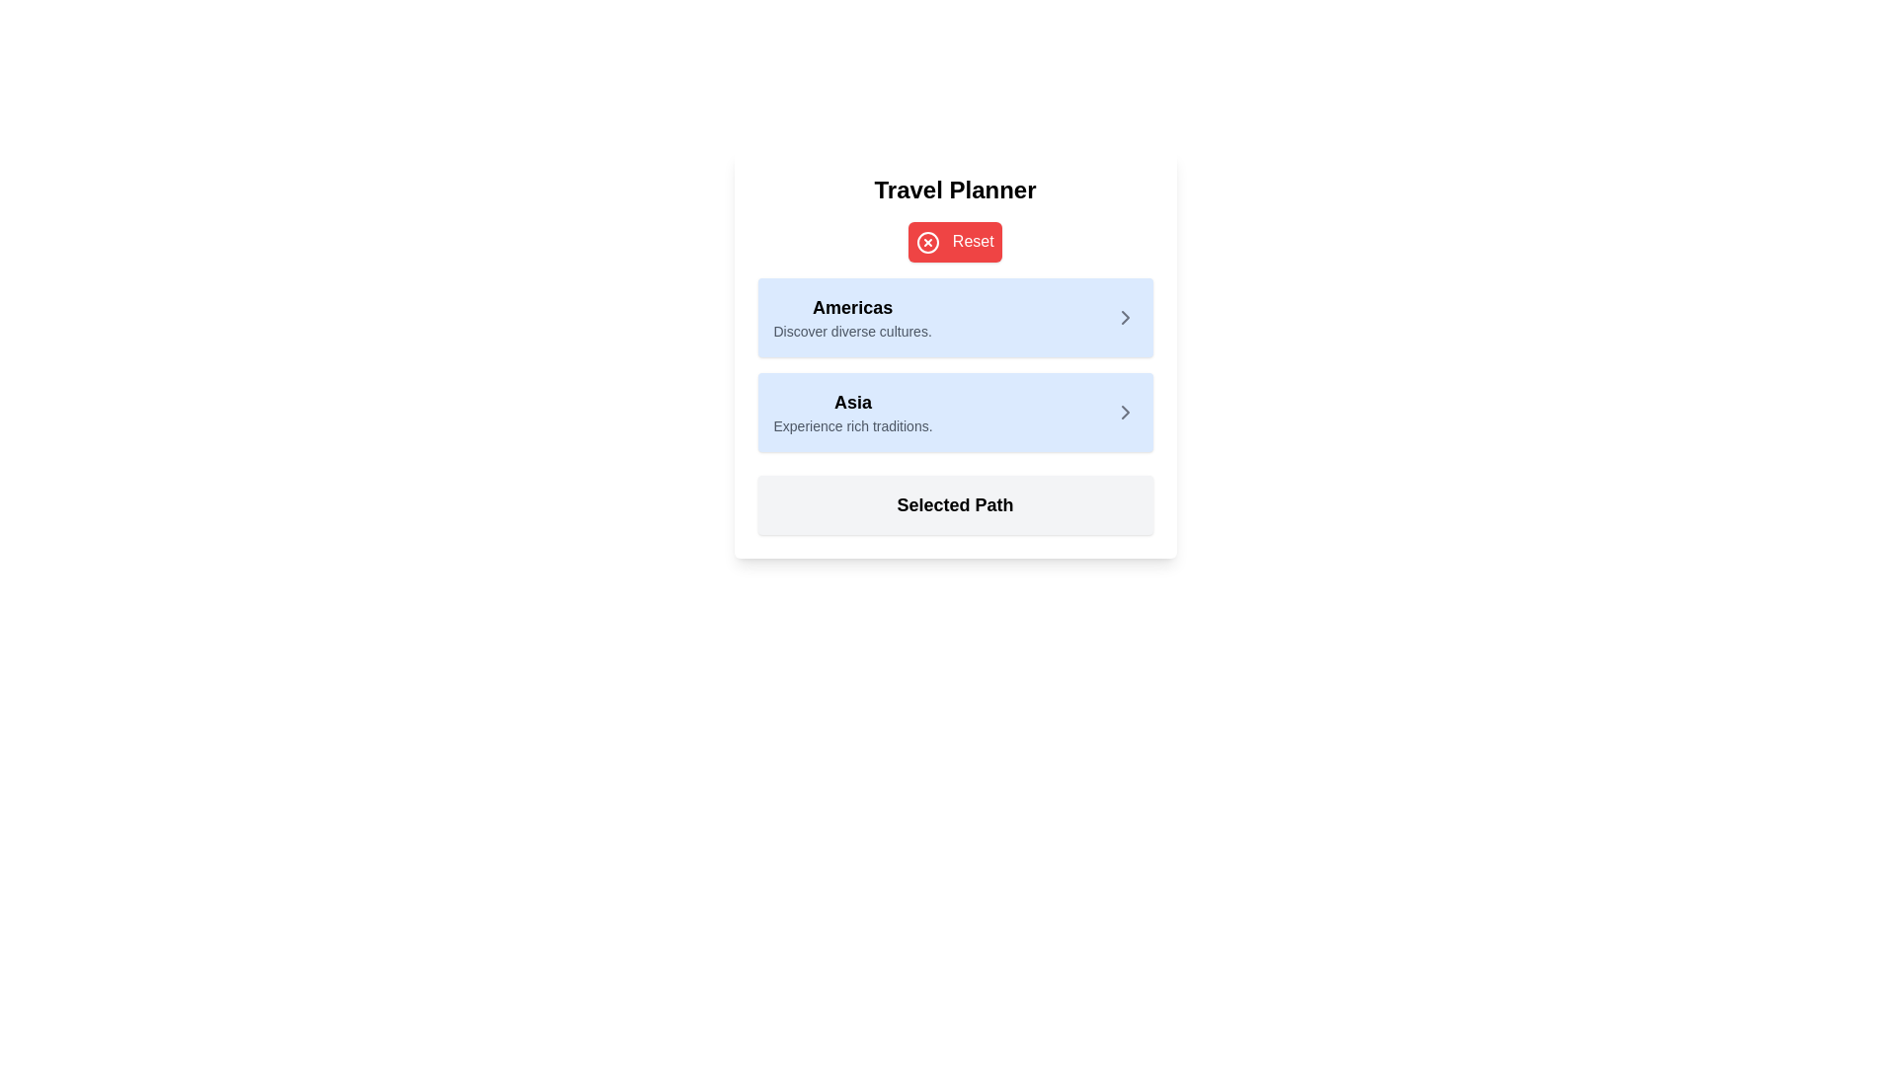 Image resolution: width=1896 pixels, height=1066 pixels. Describe the element at coordinates (955, 190) in the screenshot. I see `the bolded title labeled 'Travel Planner', which is styled prominently and centered at the top of a white card with rounded corners` at that location.